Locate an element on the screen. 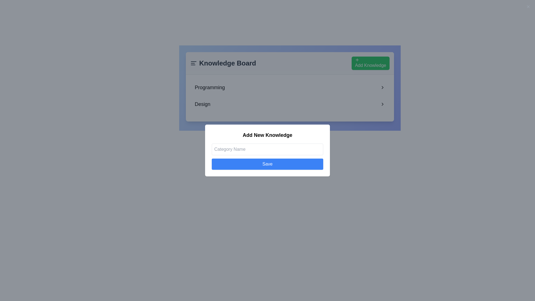 The width and height of the screenshot is (535, 301). the Chevron Icon located at the far right side of the 'Design' menu item within the dropdown menu below the 'Knowledge Board' header is located at coordinates (382, 87).